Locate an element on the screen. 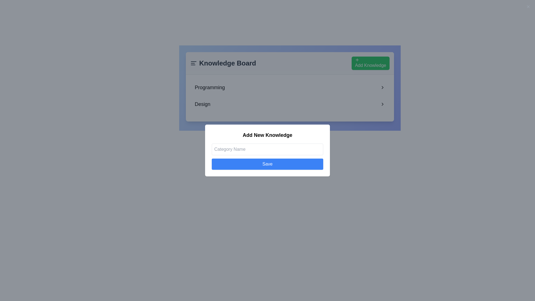 The width and height of the screenshot is (535, 301). the Chevron Icon located at the far right side of the 'Design' menu item within the dropdown menu below the 'Knowledge Board' header is located at coordinates (382, 87).